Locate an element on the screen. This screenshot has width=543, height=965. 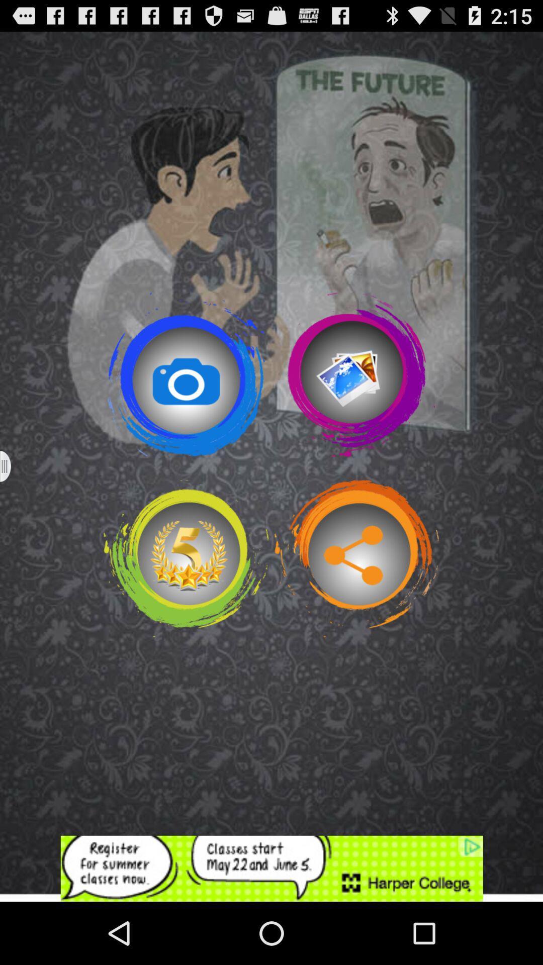
open menu is located at coordinates (12, 466).